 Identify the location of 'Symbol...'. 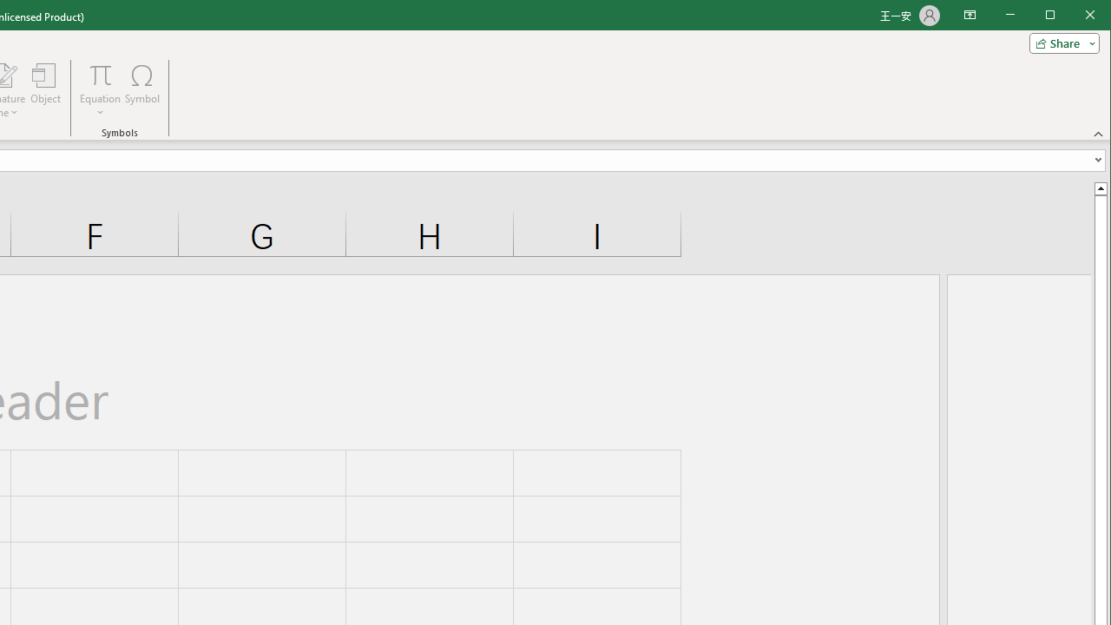
(142, 90).